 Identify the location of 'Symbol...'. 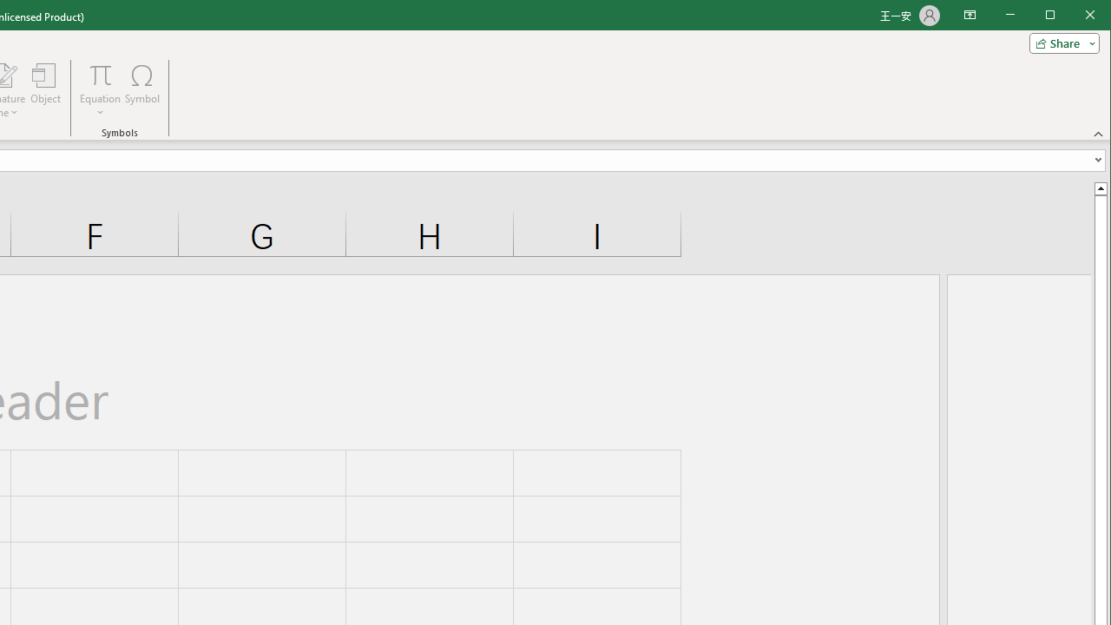
(142, 90).